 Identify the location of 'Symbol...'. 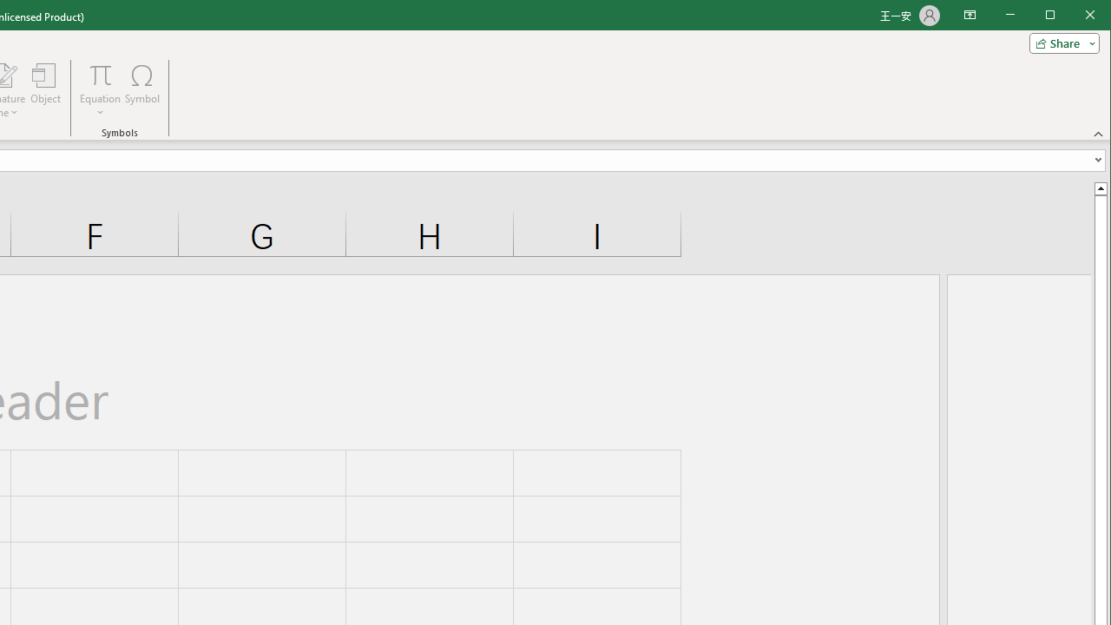
(142, 90).